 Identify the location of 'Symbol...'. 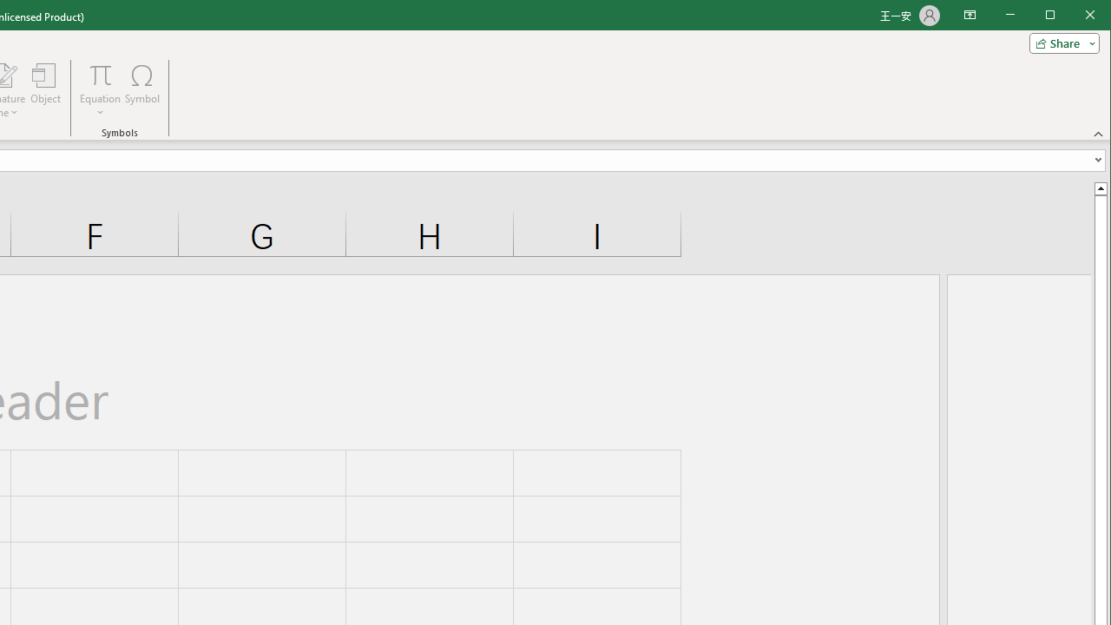
(142, 90).